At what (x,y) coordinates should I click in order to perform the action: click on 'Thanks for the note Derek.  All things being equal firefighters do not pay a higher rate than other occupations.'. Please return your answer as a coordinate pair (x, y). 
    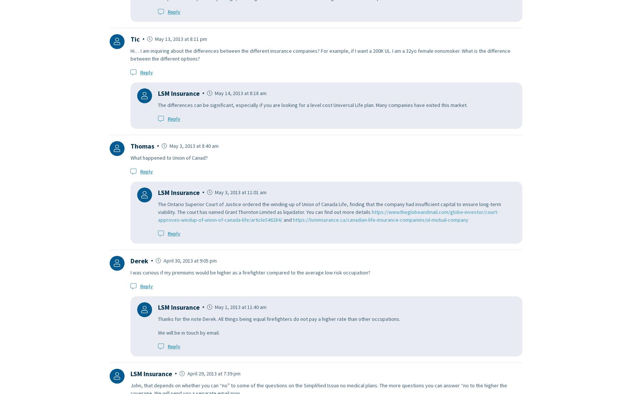
    Looking at the image, I should click on (279, 319).